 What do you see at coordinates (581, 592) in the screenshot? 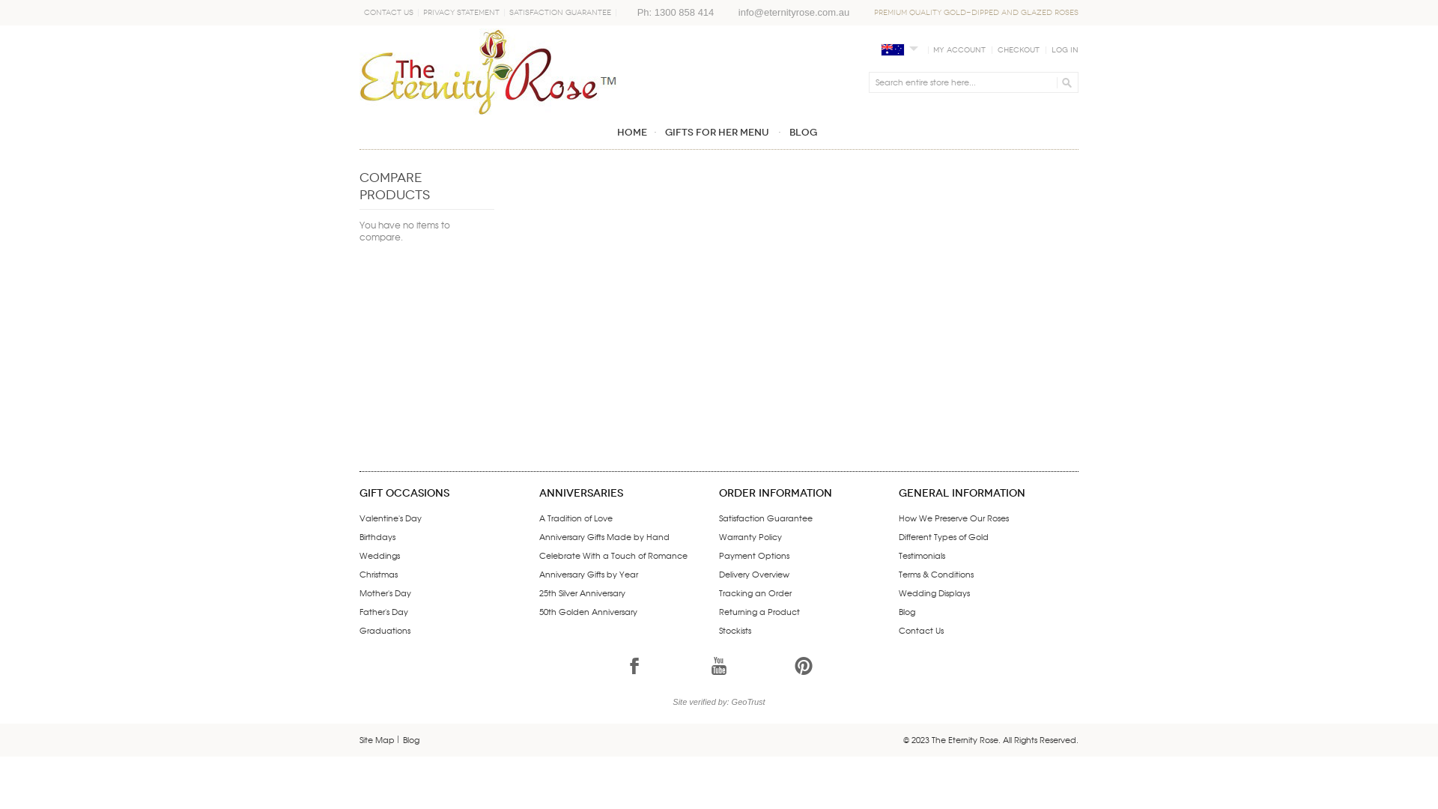
I see `'25th Silver Anniversary'` at bounding box center [581, 592].